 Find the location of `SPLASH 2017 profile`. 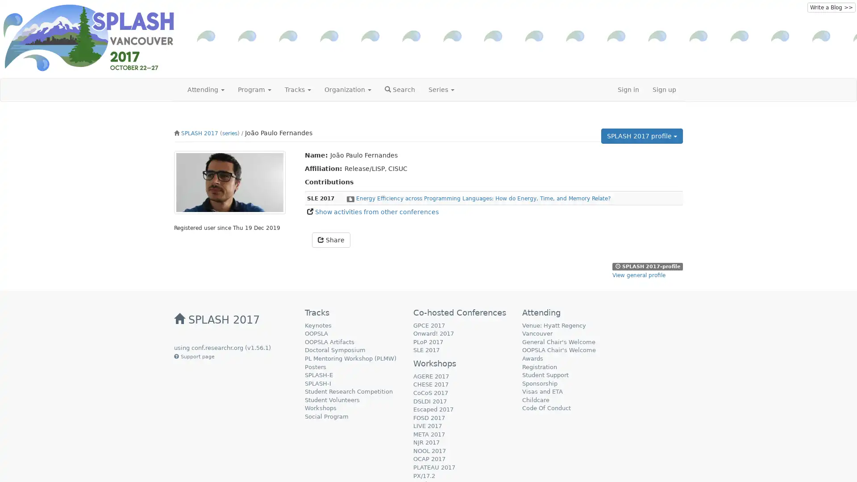

SPLASH 2017 profile is located at coordinates (641, 136).